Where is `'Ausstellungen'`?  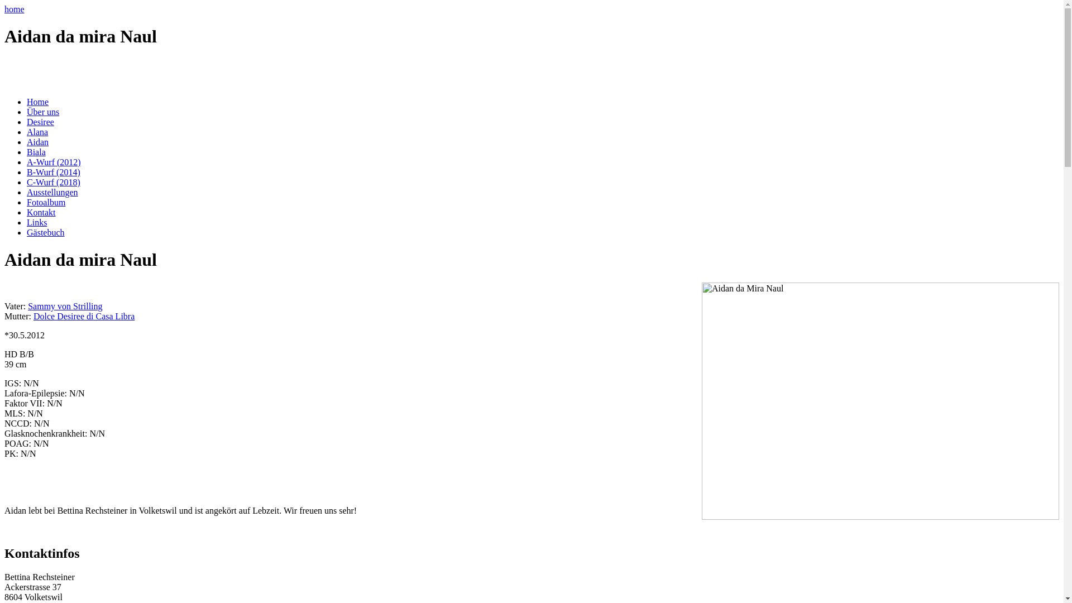 'Ausstellungen' is located at coordinates (52, 192).